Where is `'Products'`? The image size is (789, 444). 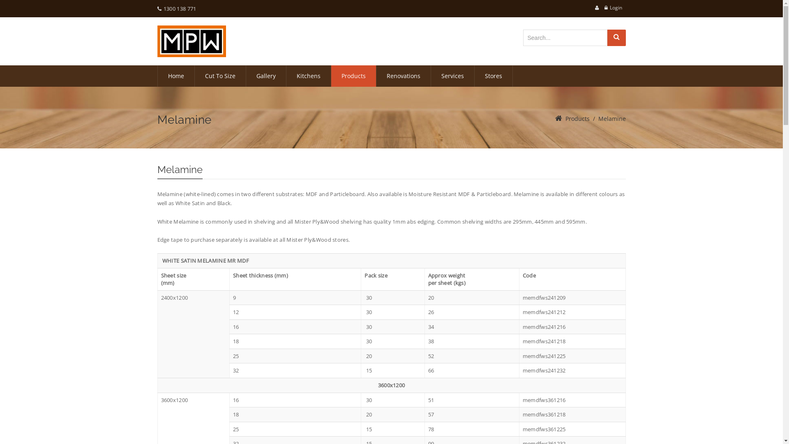 'Products' is located at coordinates (353, 76).